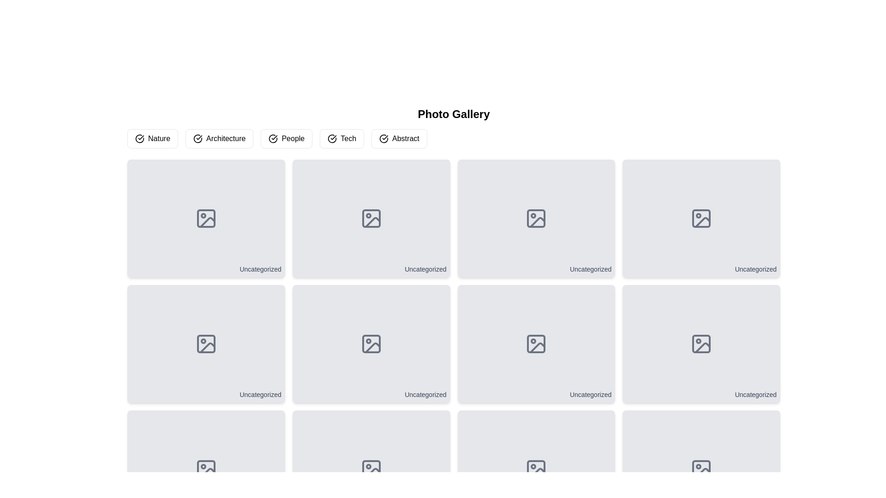 The height and width of the screenshot is (498, 886). What do you see at coordinates (591, 269) in the screenshot?
I see `the text 'Uncategorized' from the Text Label located at the bottom-right corner of the third card in the top row of the grid layout` at bounding box center [591, 269].